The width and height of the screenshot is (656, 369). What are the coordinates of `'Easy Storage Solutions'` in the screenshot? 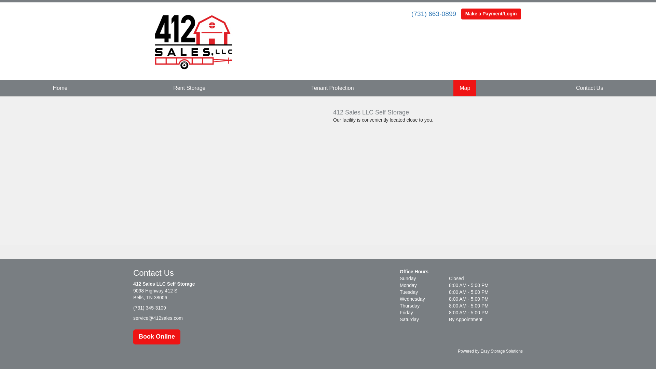 It's located at (502, 351).